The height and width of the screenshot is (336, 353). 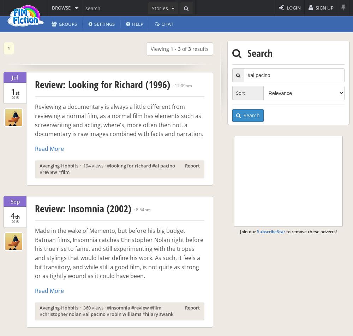 I want to click on 'Sep', so click(x=15, y=200).